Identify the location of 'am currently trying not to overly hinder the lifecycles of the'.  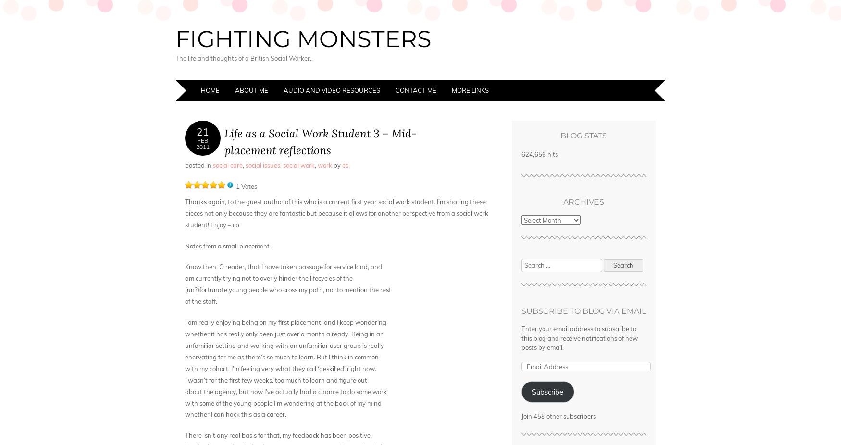
(185, 278).